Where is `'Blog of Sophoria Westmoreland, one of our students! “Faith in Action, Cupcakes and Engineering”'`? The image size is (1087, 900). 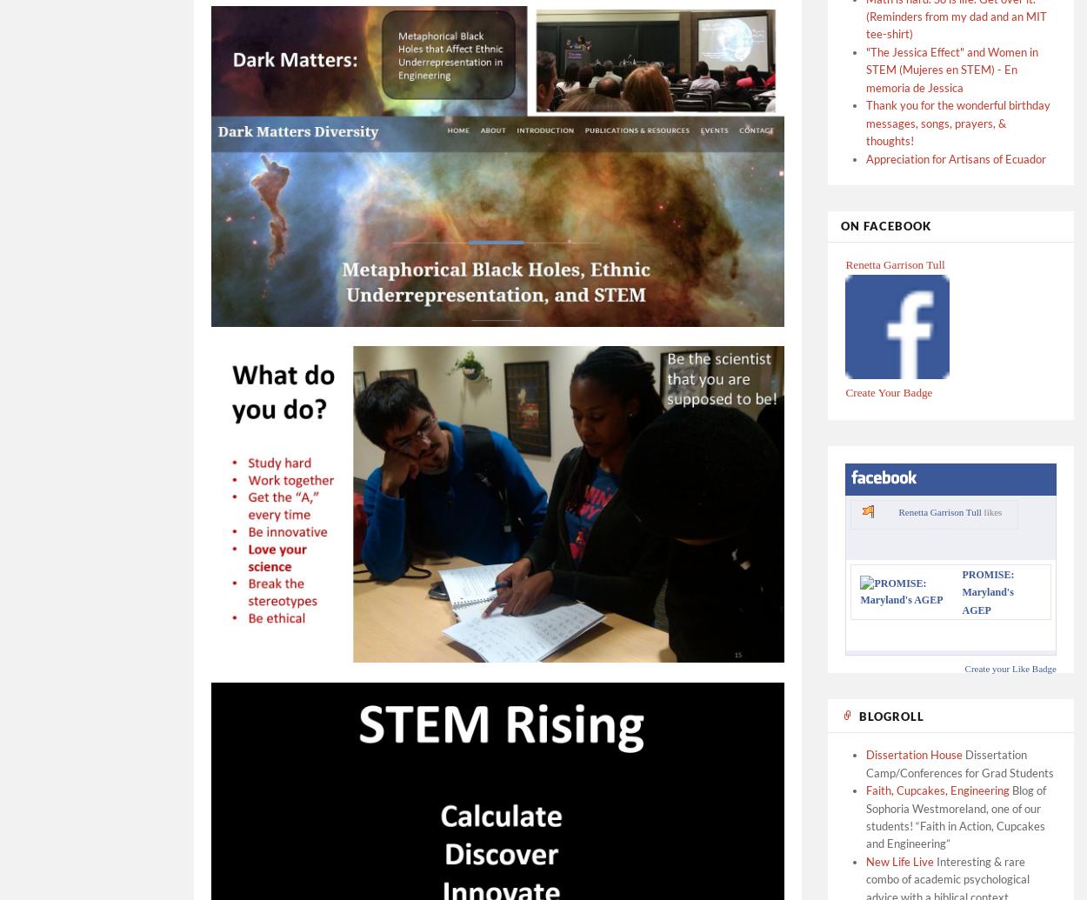 'Blog of Sophoria Westmoreland, one of our students! “Faith in Action, Cupcakes and Engineering”' is located at coordinates (864, 816).